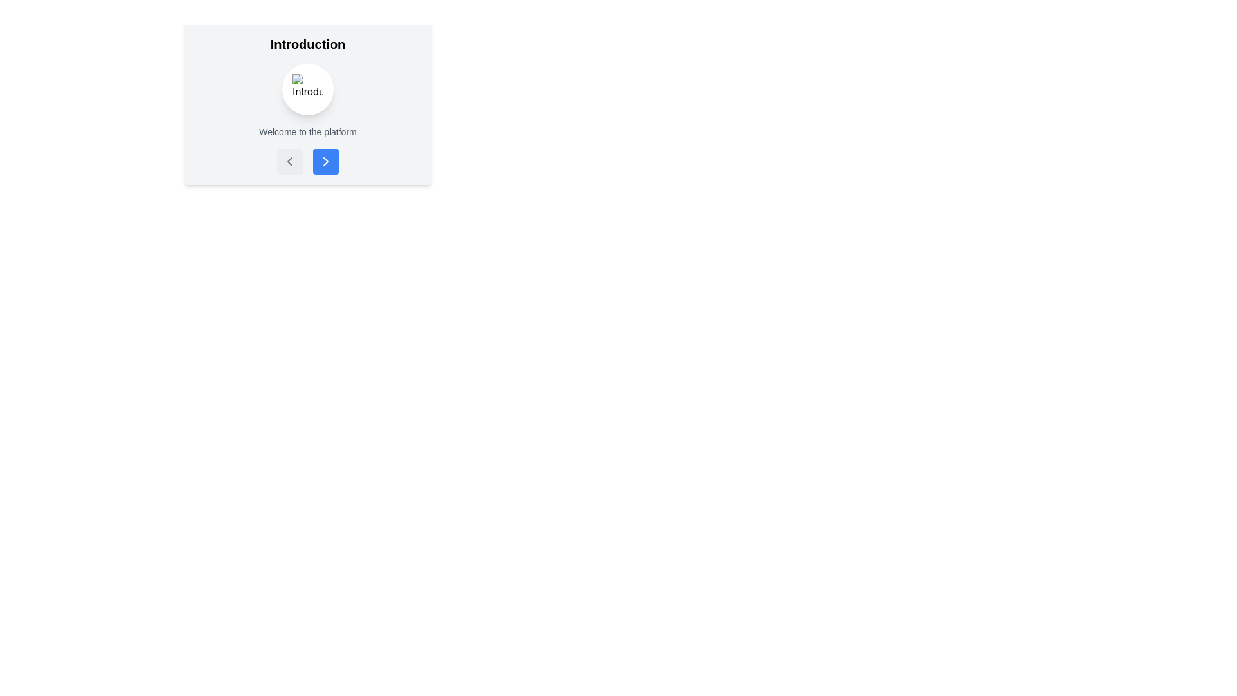  I want to click on the right-pointing chevron icon button with a blue background and white stroke, which is the second button in the navigation row located at the bottom-center of the card containing the 'Introduction' heading, so click(325, 160).